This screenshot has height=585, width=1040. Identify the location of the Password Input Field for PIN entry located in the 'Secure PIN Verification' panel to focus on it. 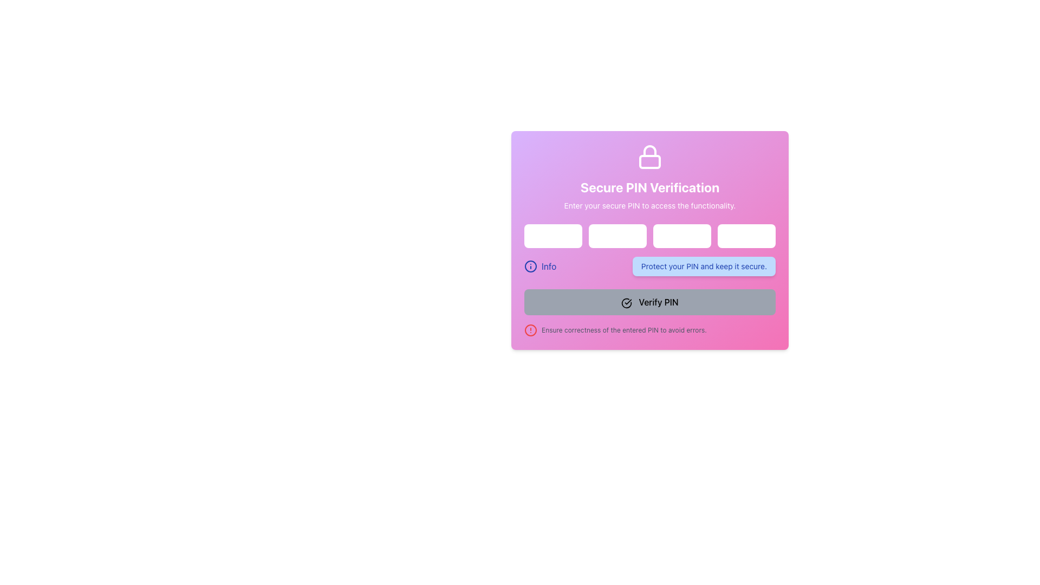
(650, 235).